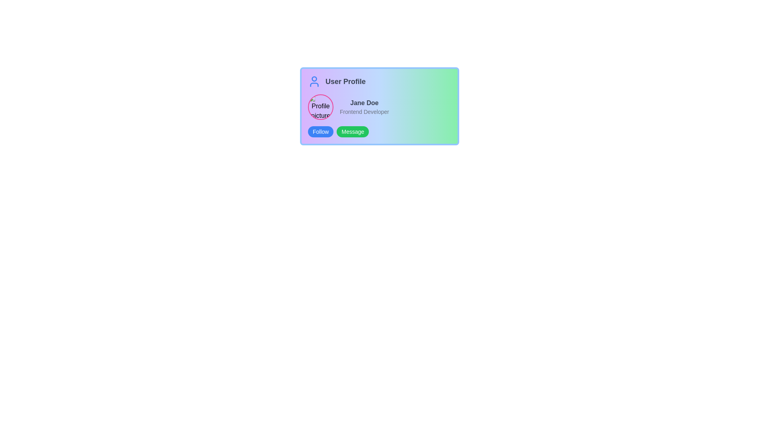  Describe the element at coordinates (321, 107) in the screenshot. I see `the circular profile picture with a pink border, located at the leftmost part of the user profile section` at that location.